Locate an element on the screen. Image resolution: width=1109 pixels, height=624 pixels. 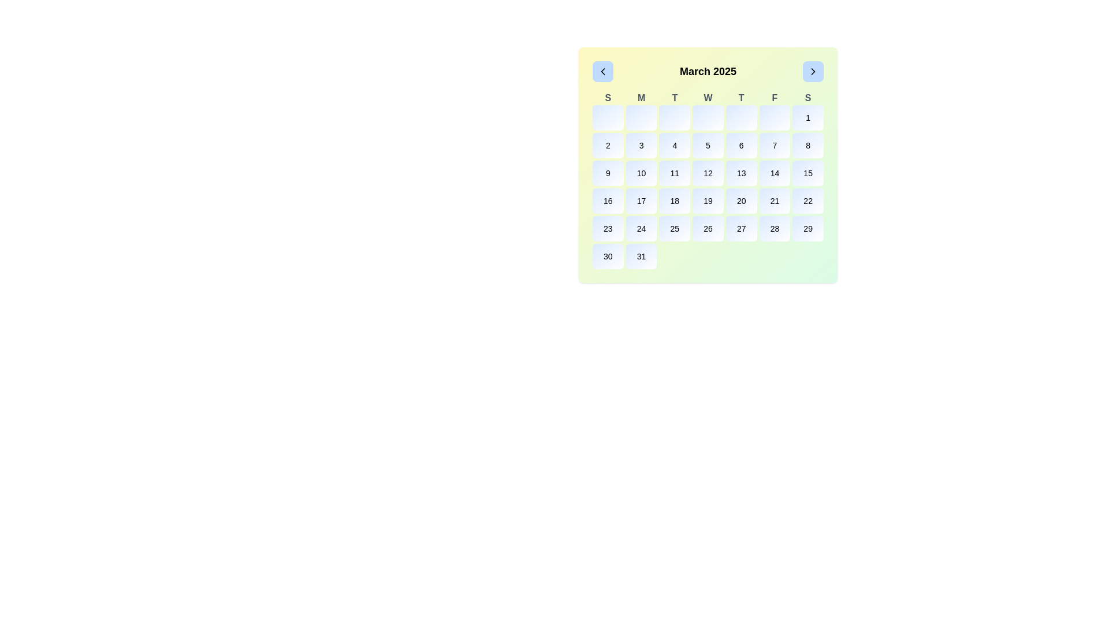
the button displaying the numeral '8' in the calendar grid is located at coordinates (807, 144).